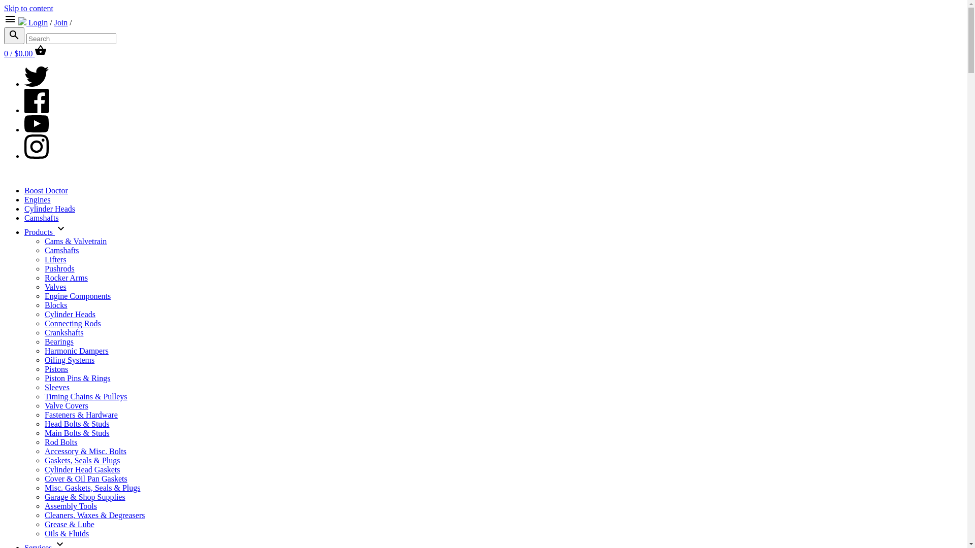 The image size is (975, 548). I want to click on 'Timing Chains & Pulleys', so click(86, 396).